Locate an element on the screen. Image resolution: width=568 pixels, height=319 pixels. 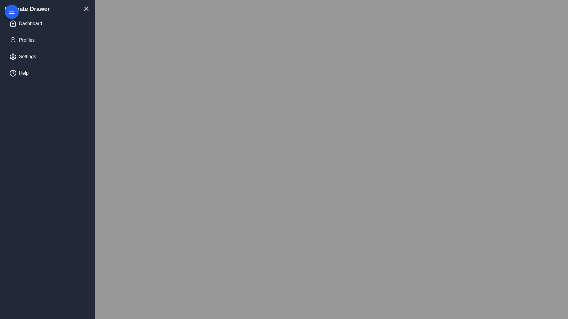
the third menu item in the vertical list within the sidebar is located at coordinates (47, 57).